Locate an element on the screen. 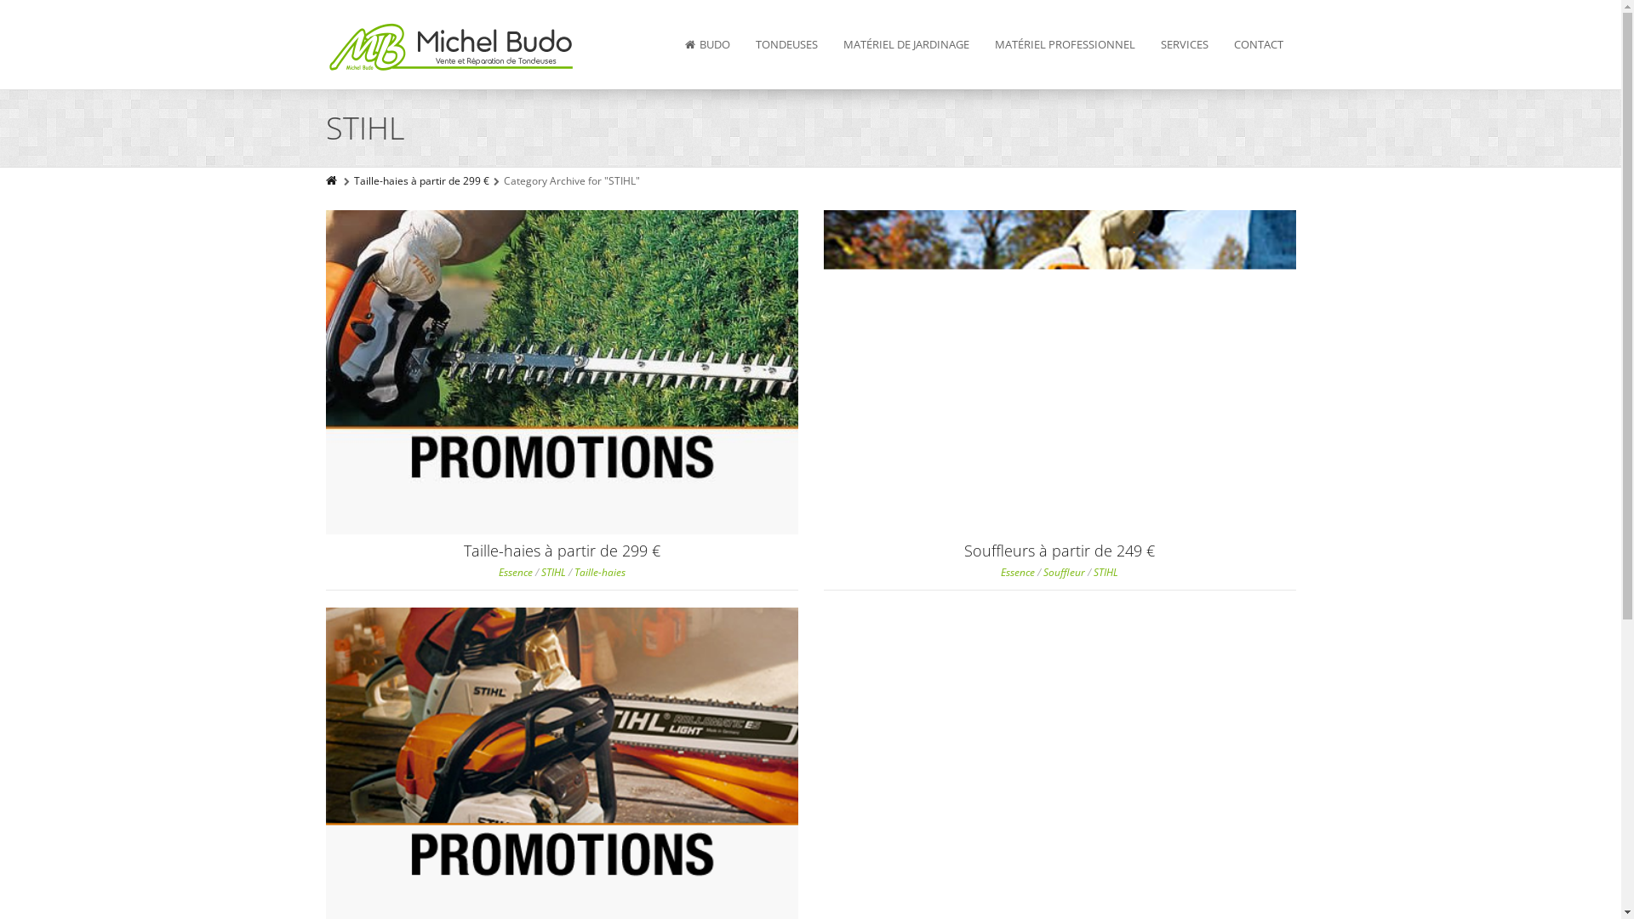 This screenshot has height=919, width=1634. 'Essence' is located at coordinates (1001, 572).